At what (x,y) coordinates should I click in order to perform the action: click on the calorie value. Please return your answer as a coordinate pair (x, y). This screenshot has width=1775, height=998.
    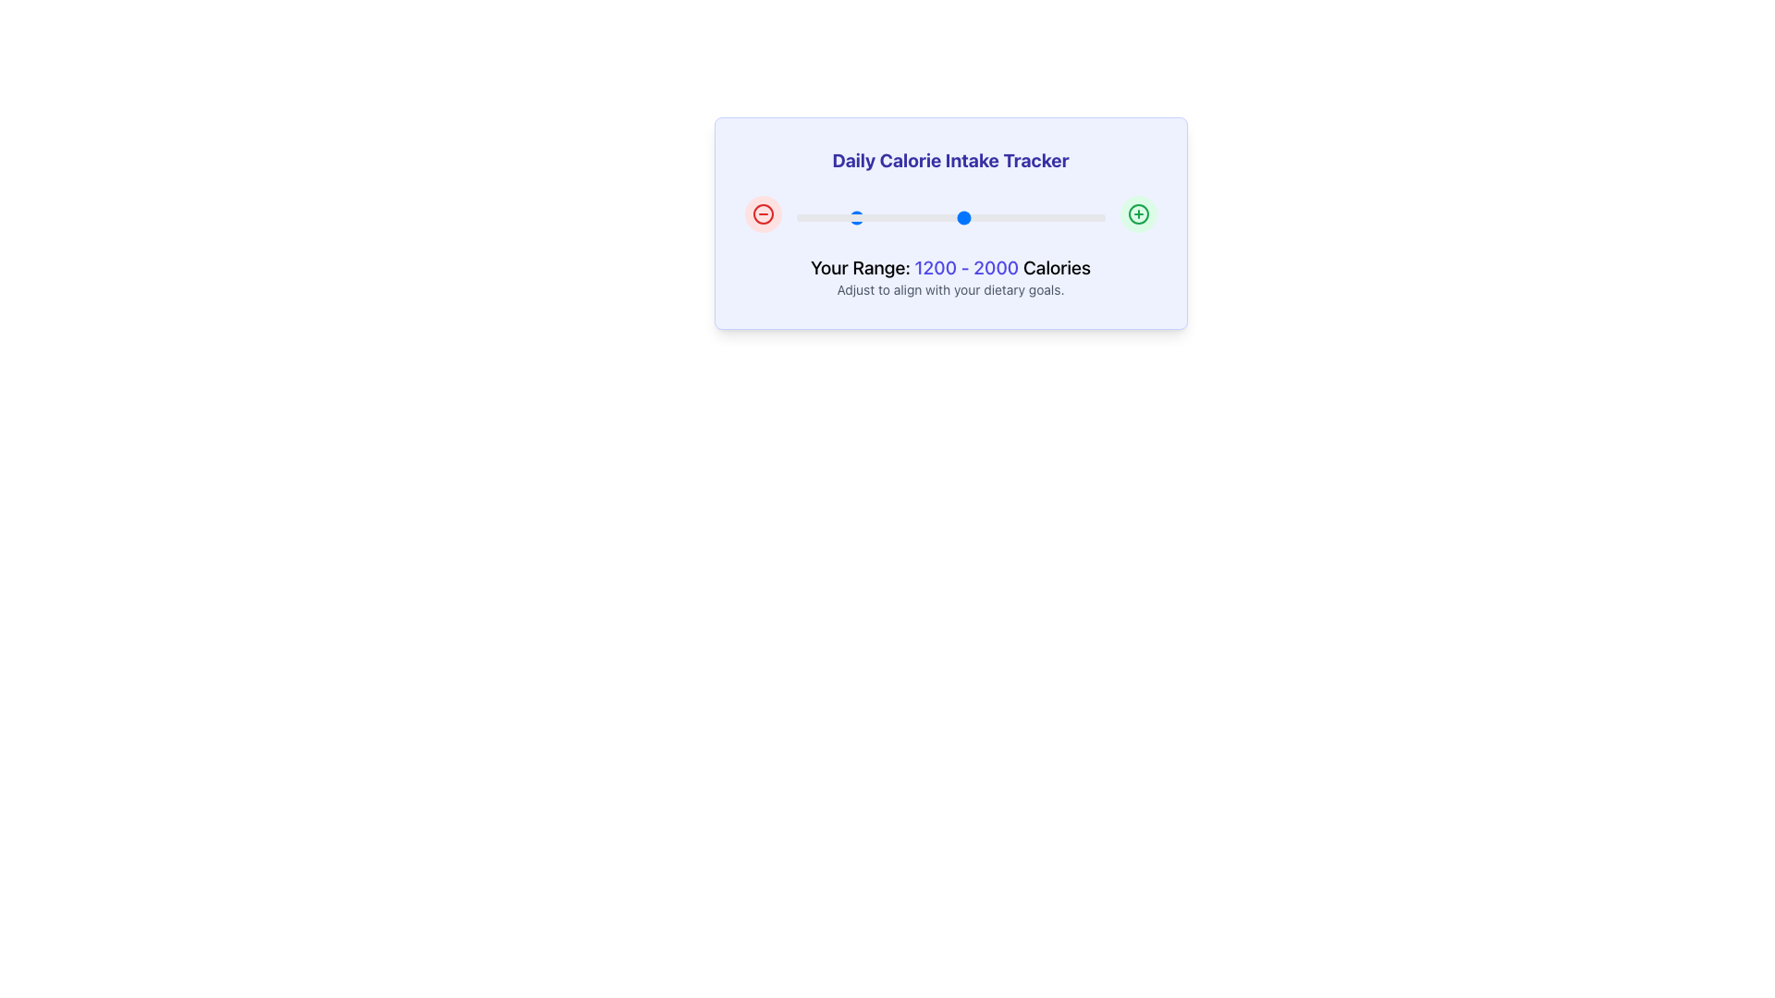
    Looking at the image, I should click on (946, 216).